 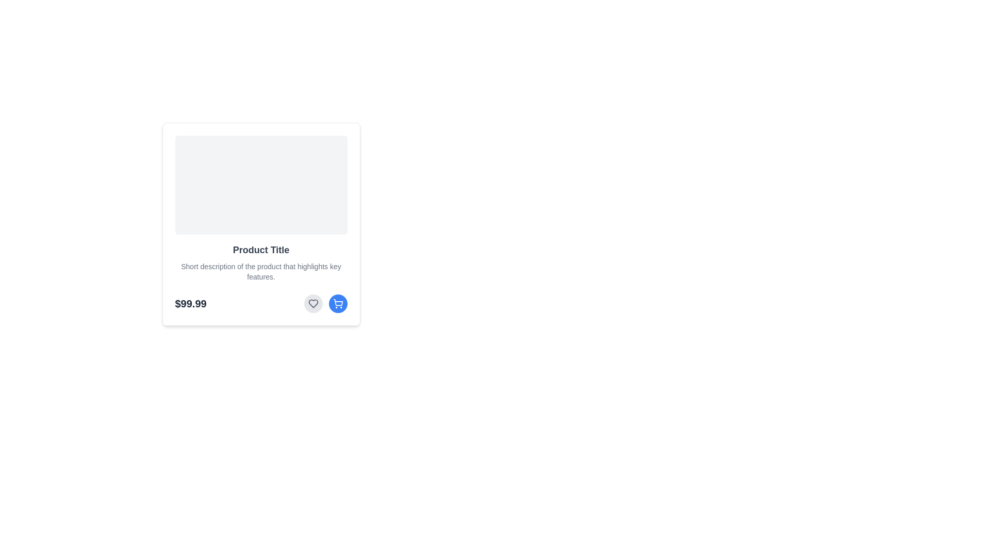 What do you see at coordinates (261, 250) in the screenshot?
I see `the 'Product Title' text label` at bounding box center [261, 250].